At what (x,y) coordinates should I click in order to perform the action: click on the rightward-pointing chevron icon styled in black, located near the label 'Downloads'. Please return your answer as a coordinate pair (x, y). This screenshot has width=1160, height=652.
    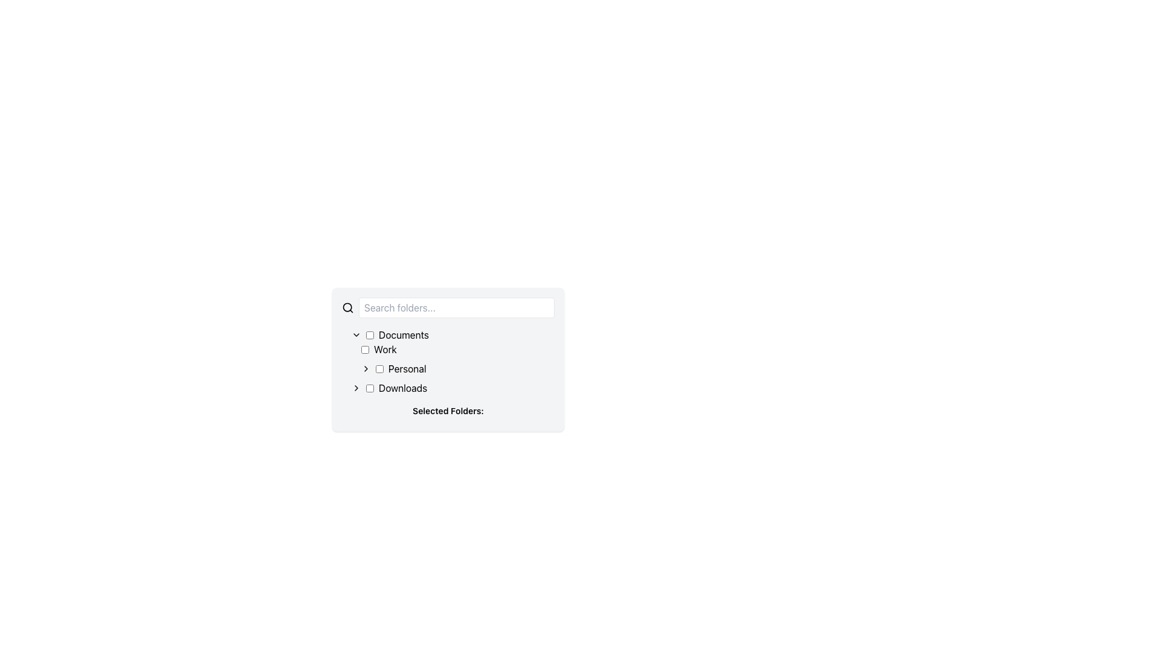
    Looking at the image, I should click on (356, 388).